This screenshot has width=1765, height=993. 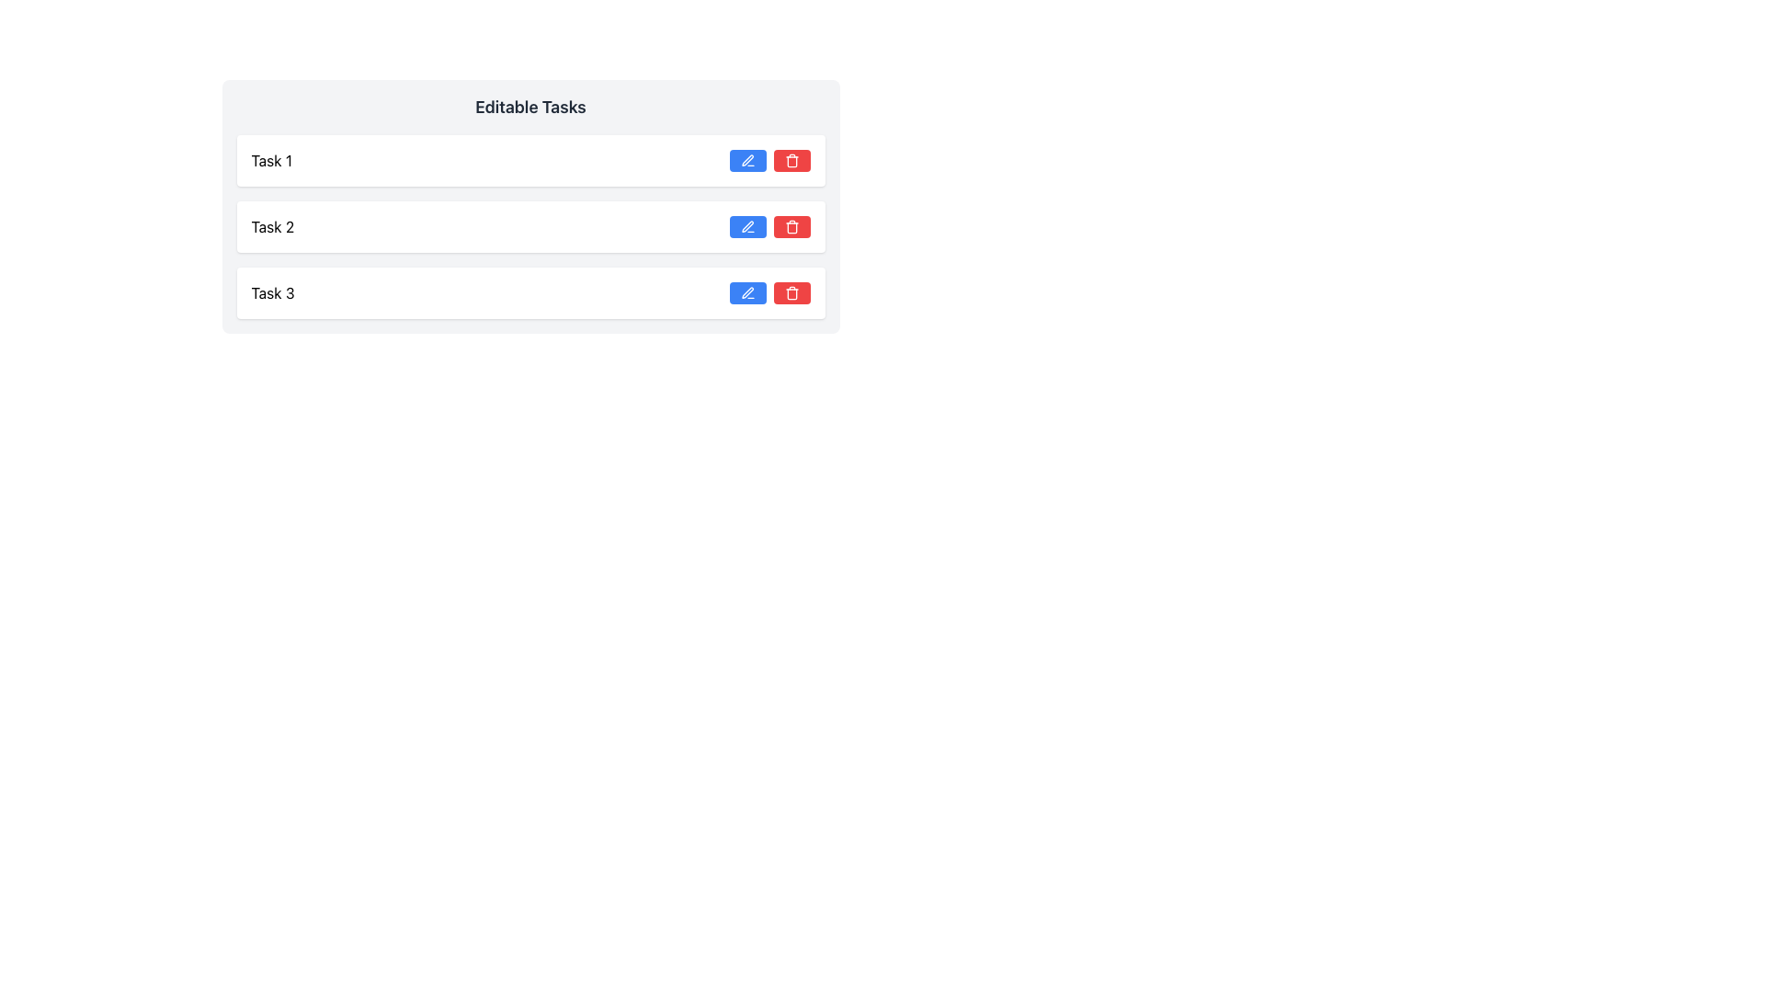 I want to click on the blue button with a pen icon on the left side of the actions column for 'Task 1' to initiate task editing, so click(x=769, y=159).